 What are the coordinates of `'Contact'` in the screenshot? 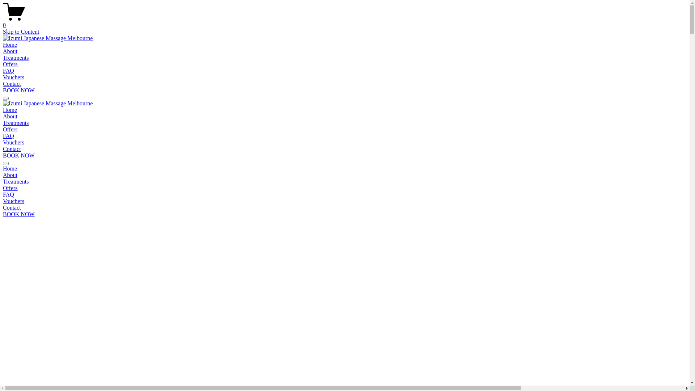 It's located at (3, 208).